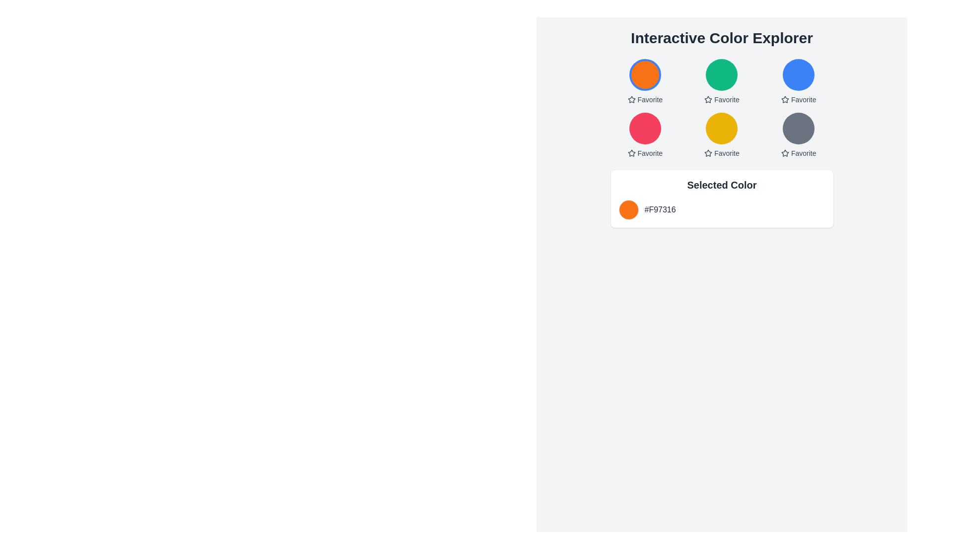 This screenshot has height=536, width=953. What do you see at coordinates (628, 209) in the screenshot?
I see `the Color indicator located in the 'Selected Color' section, which visually represents the currently selected color next to a textual color code` at bounding box center [628, 209].